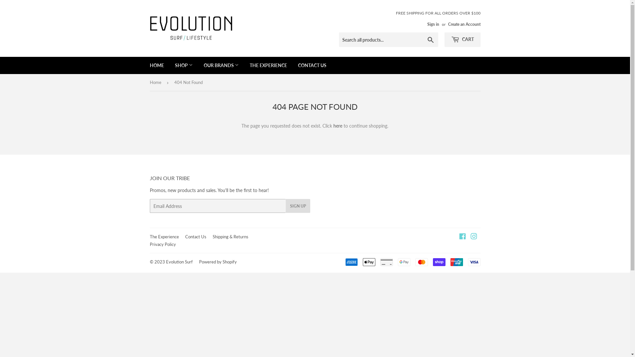  Describe the element at coordinates (431, 40) in the screenshot. I see `'Search'` at that location.